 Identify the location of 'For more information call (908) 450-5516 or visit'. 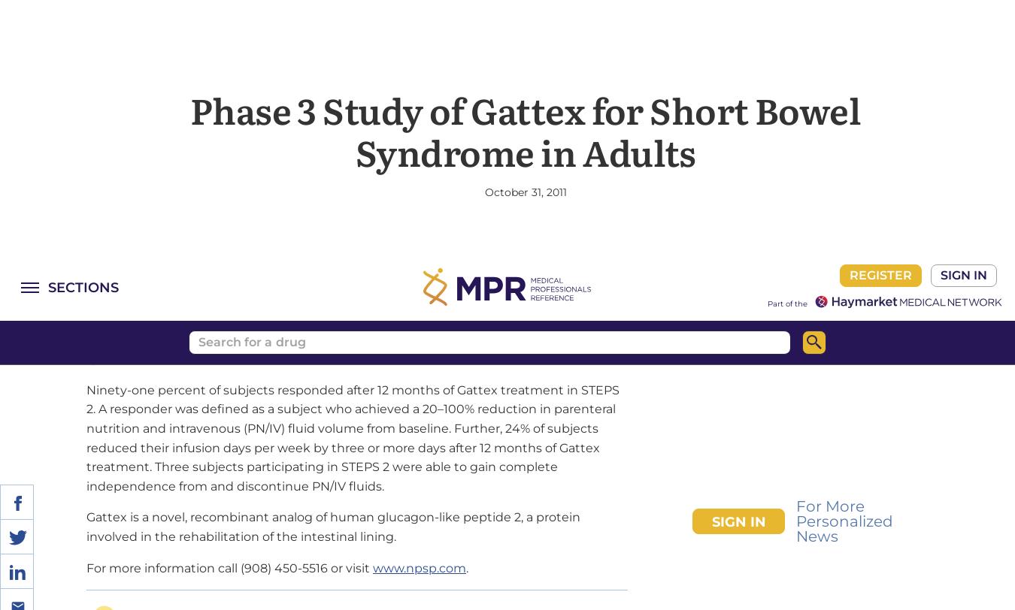
(86, 363).